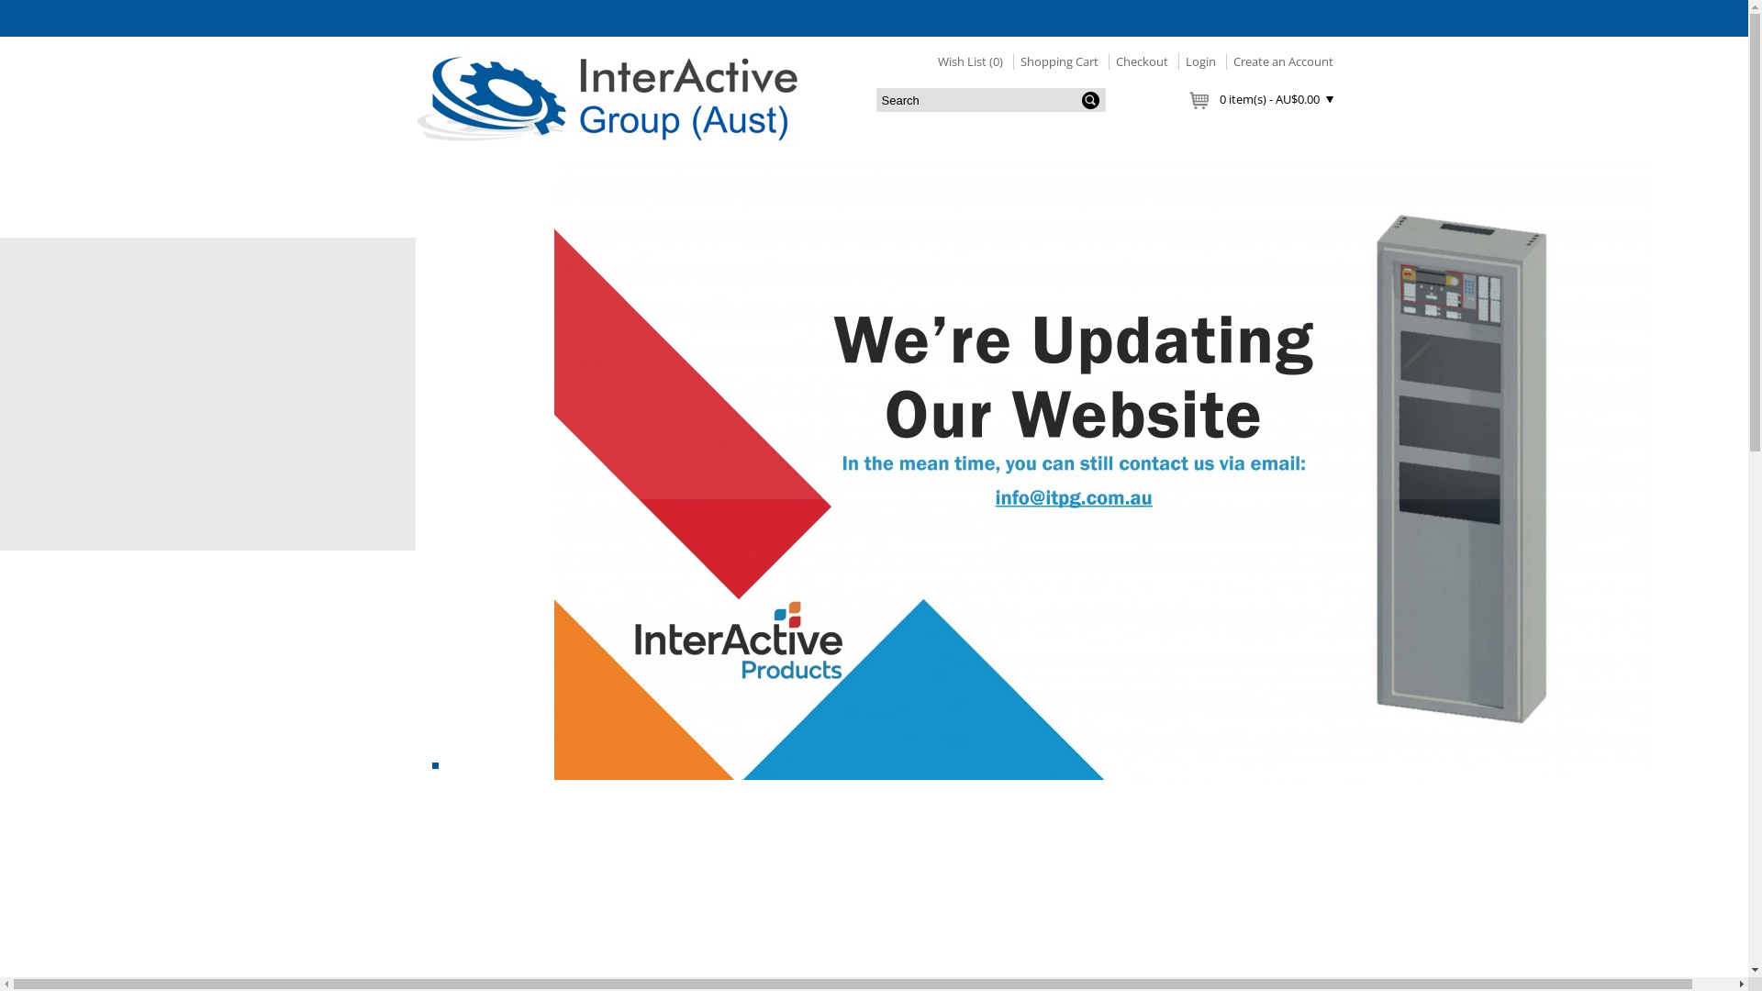 This screenshot has height=991, width=1762. What do you see at coordinates (1055, 60) in the screenshot?
I see `'Shopping Cart'` at bounding box center [1055, 60].